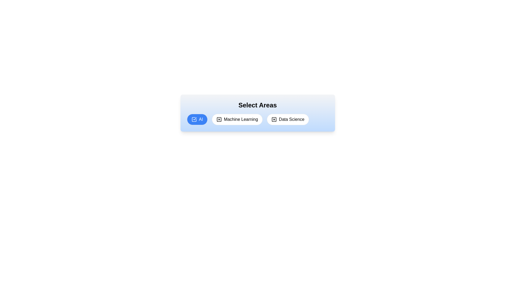  Describe the element at coordinates (288, 119) in the screenshot. I see `the tag Data Science to observe its hover effect` at that location.